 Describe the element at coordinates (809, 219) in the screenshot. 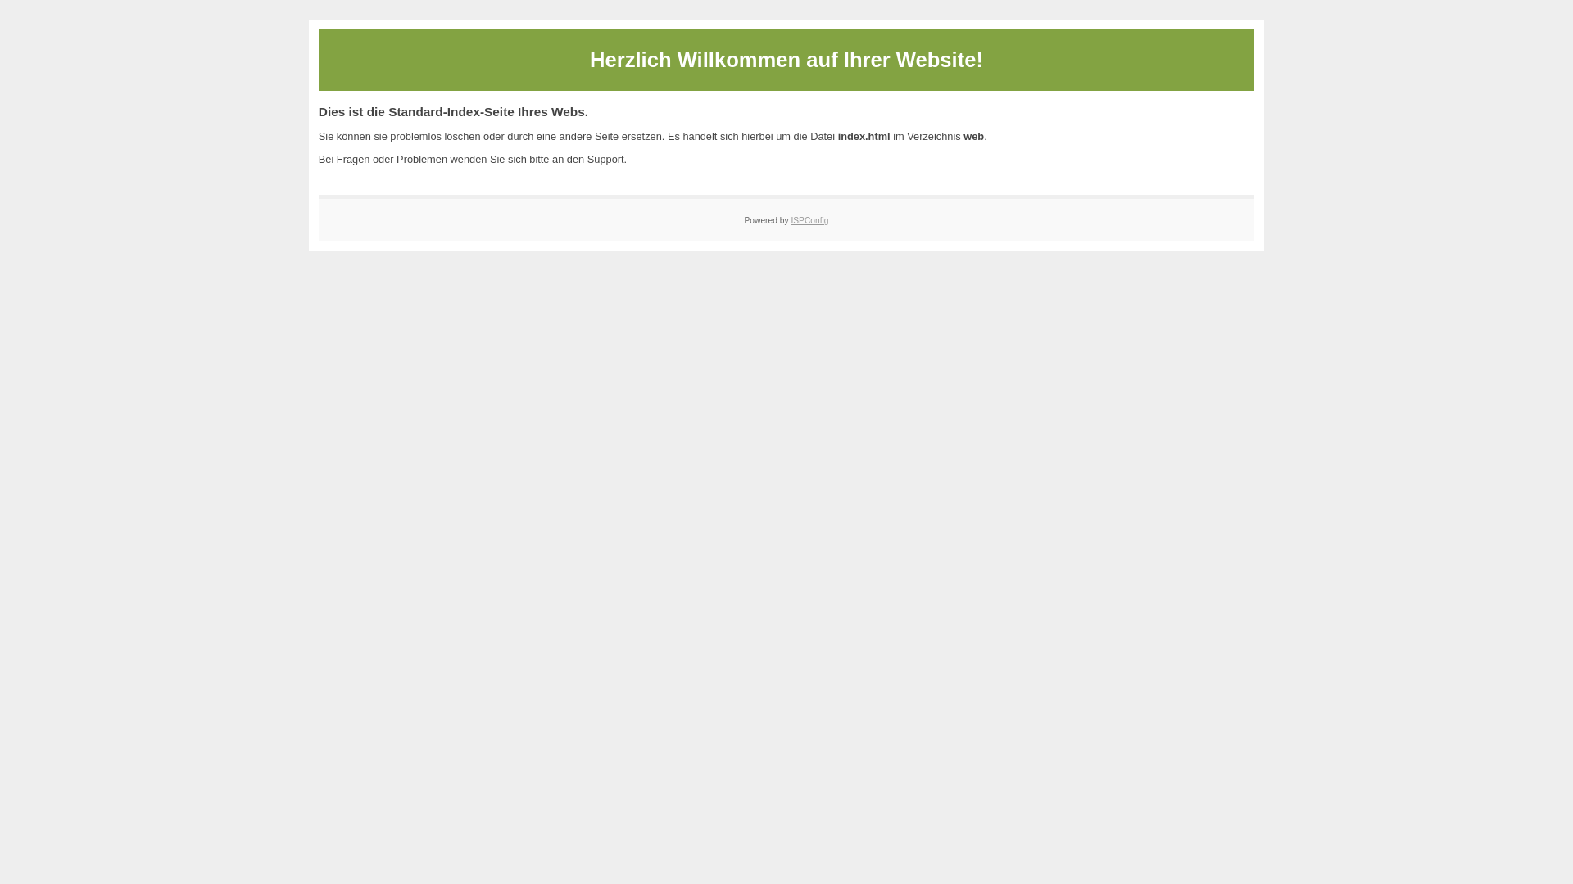

I see `'ISPConfig'` at that location.